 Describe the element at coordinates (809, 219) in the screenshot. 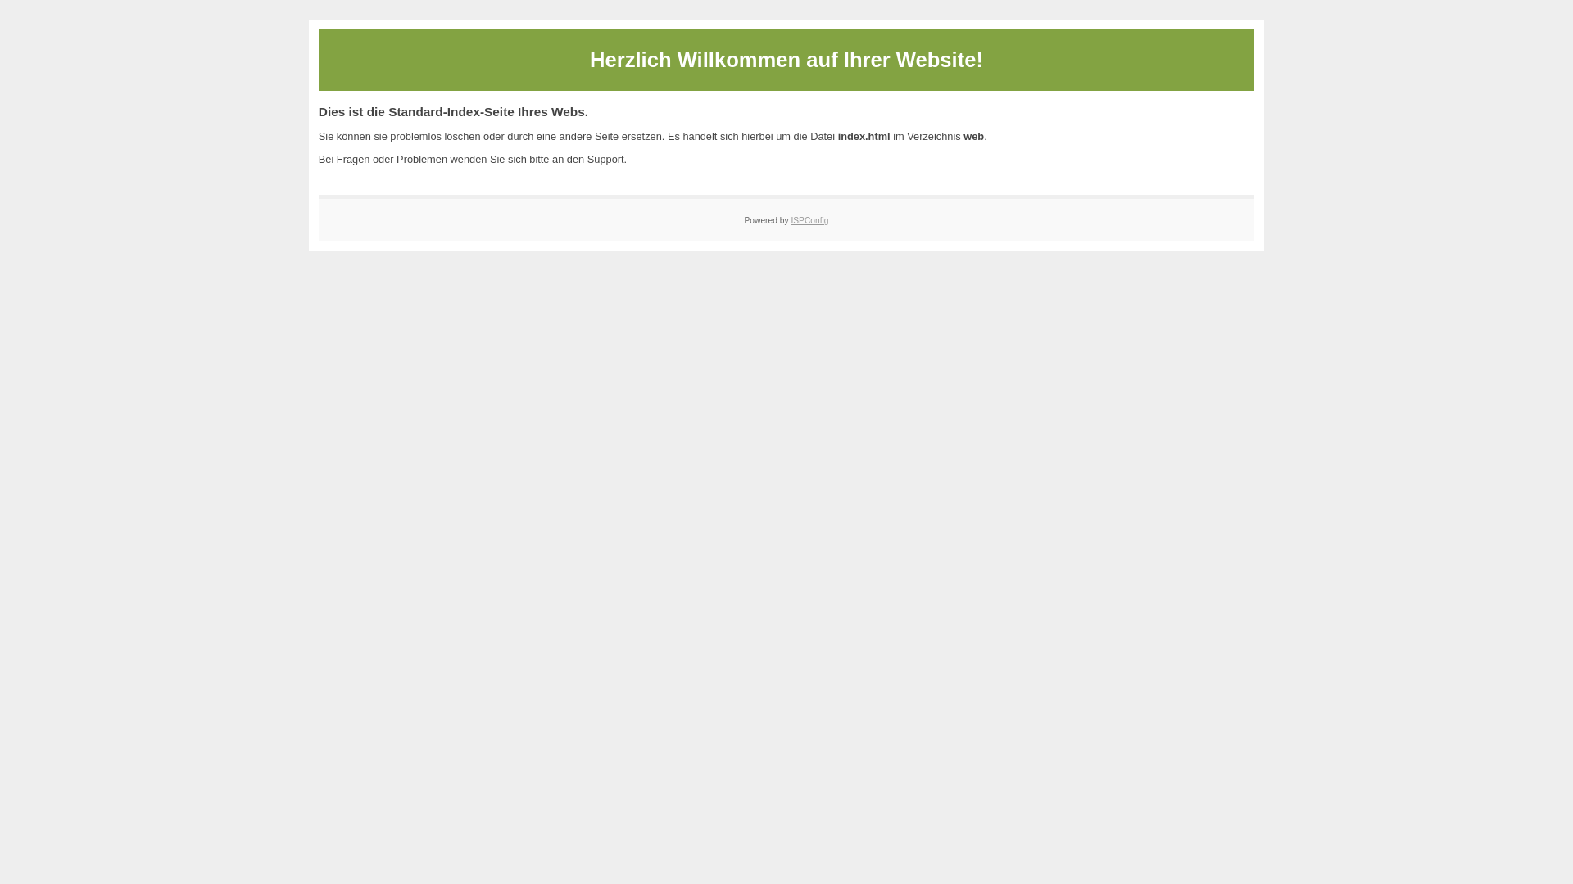

I see `'ISPConfig'` at that location.